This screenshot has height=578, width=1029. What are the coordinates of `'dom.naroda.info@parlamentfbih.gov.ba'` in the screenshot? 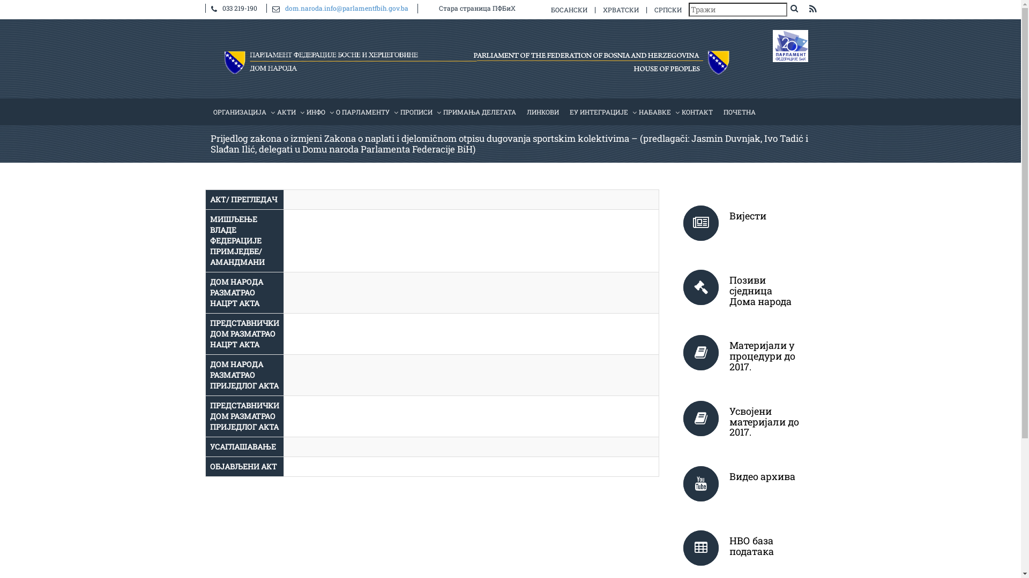 It's located at (285, 8).